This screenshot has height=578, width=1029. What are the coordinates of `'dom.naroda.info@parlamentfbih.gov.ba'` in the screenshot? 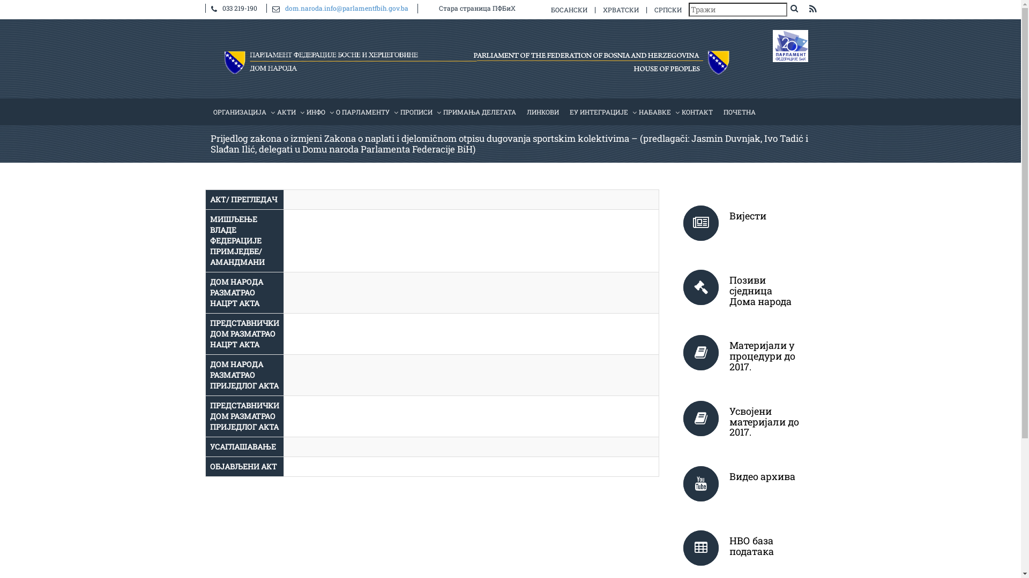 It's located at (285, 8).